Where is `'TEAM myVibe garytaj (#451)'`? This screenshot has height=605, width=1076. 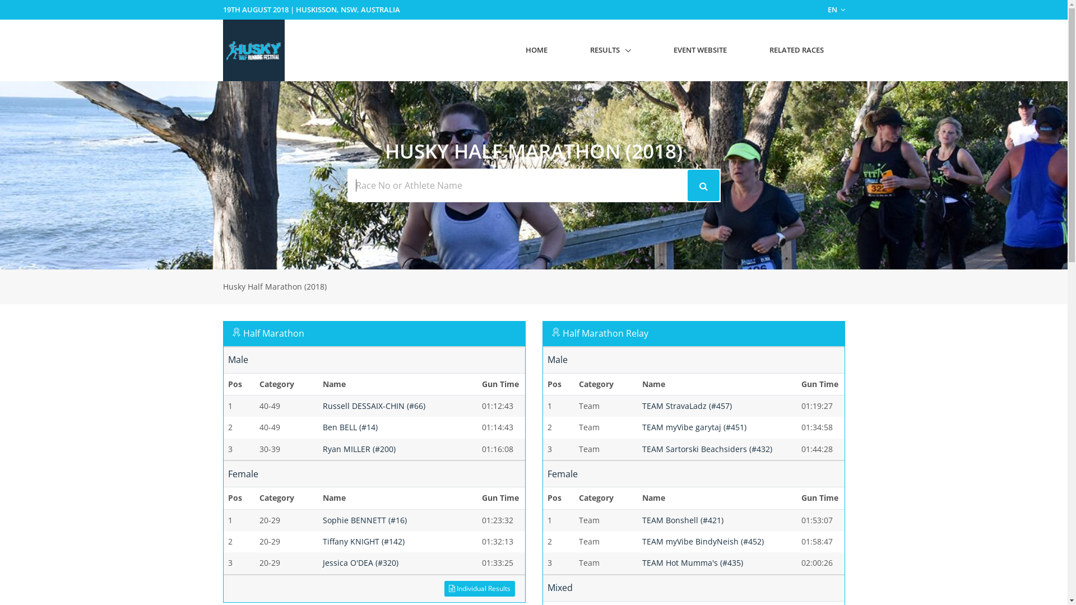 'TEAM myVibe garytaj (#451)' is located at coordinates (642, 427).